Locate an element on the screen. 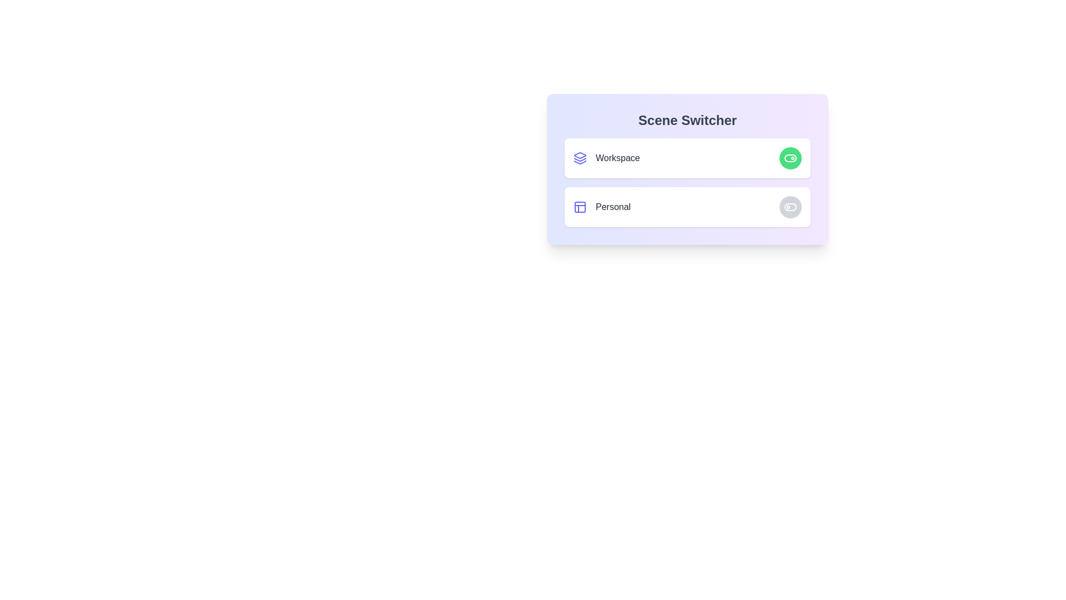  the textual content of the label indicating the 'Personal' scene option, which is the second option below the 'Workspace' in the scene-switching card is located at coordinates (601, 207).